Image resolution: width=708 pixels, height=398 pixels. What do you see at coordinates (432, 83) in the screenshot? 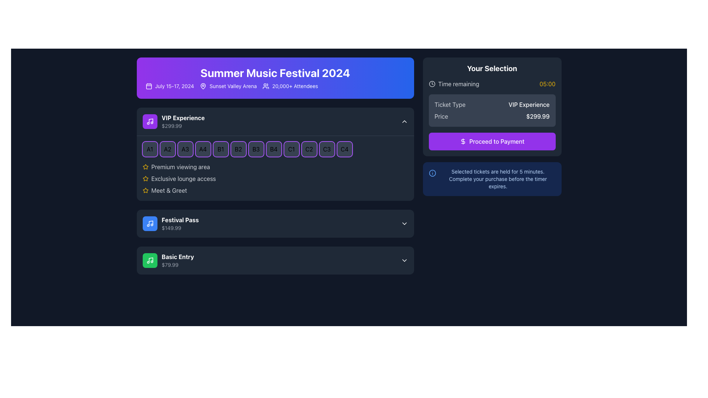
I see `the clock icon located to the left of the 'Time remaining' text in the 'Your Selection' section of the right panel` at bounding box center [432, 83].